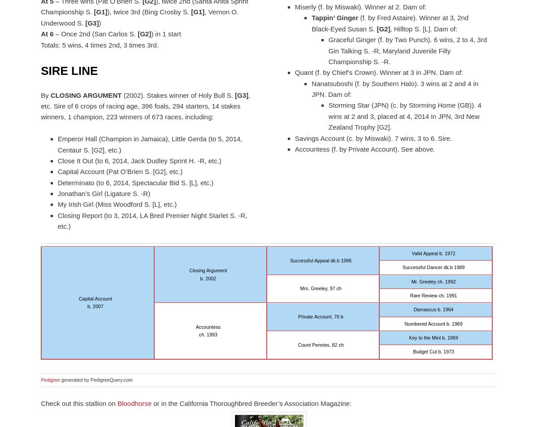 This screenshot has height=427, width=538. Describe the element at coordinates (360, 7) in the screenshot. I see `'Miserly (f. by Miswaki). Winner at 2. Dam of:'` at that location.